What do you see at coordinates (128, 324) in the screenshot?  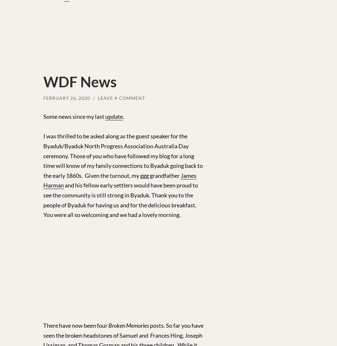 I see `'Broken Memories'` at bounding box center [128, 324].